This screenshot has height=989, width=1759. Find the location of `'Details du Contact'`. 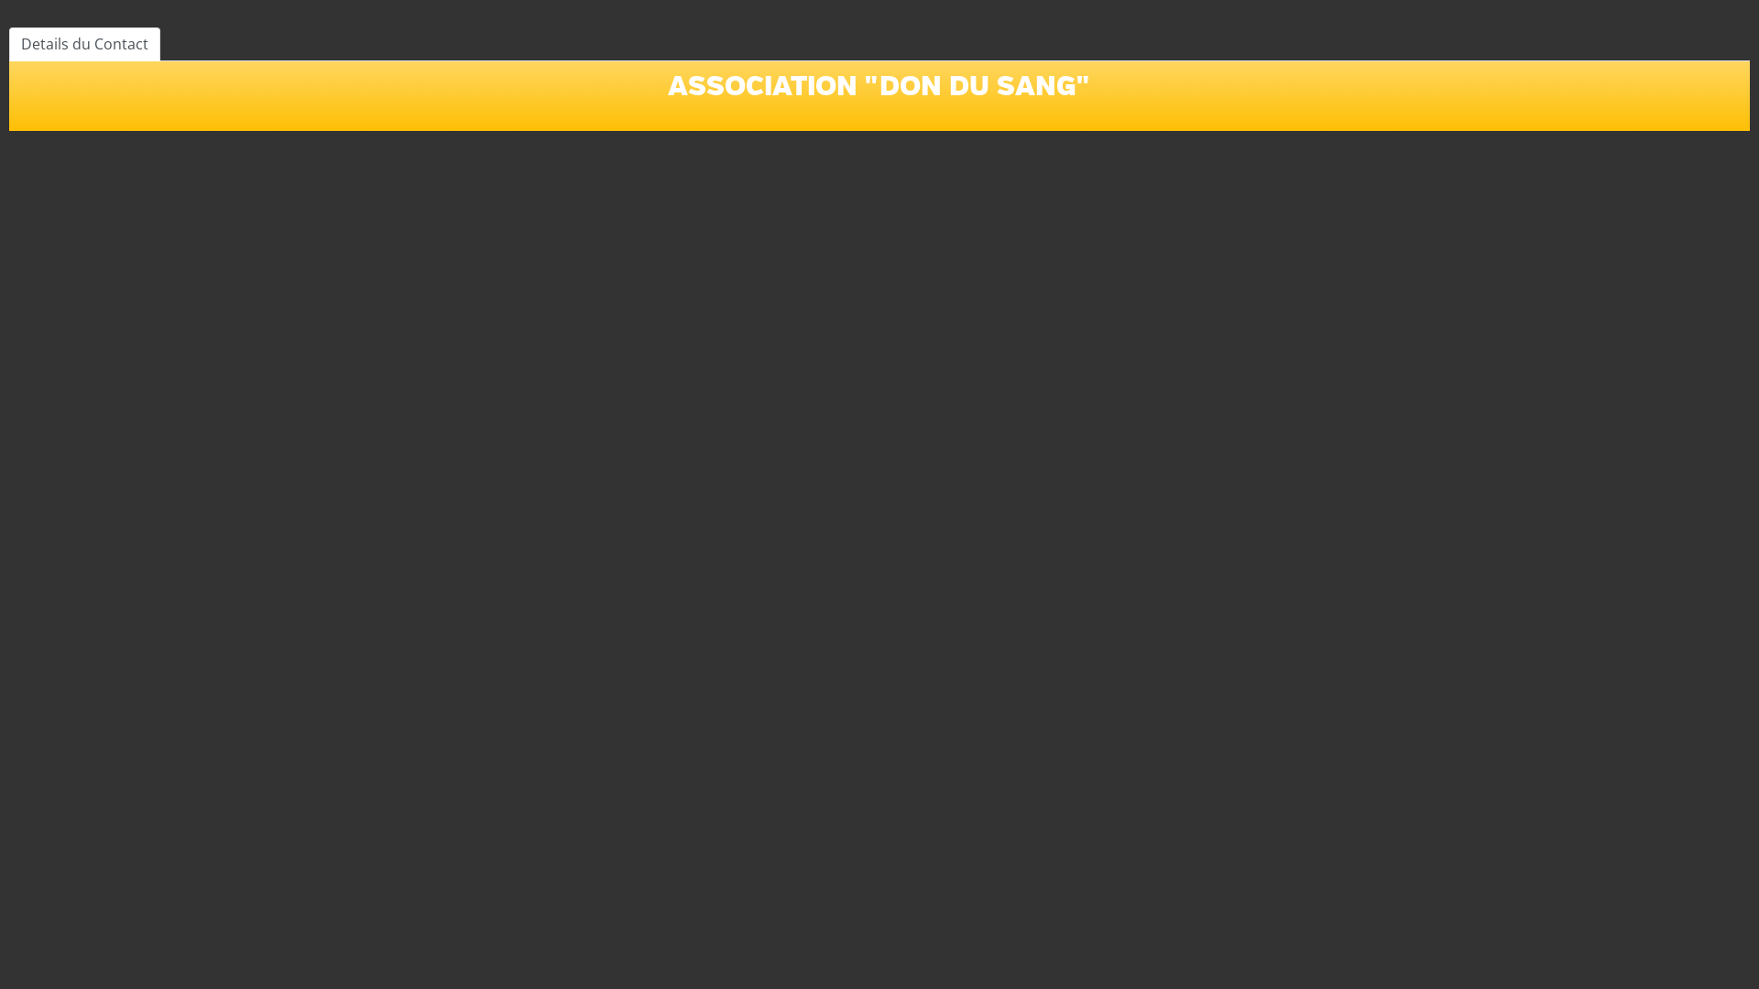

'Details du Contact' is located at coordinates (8, 43).